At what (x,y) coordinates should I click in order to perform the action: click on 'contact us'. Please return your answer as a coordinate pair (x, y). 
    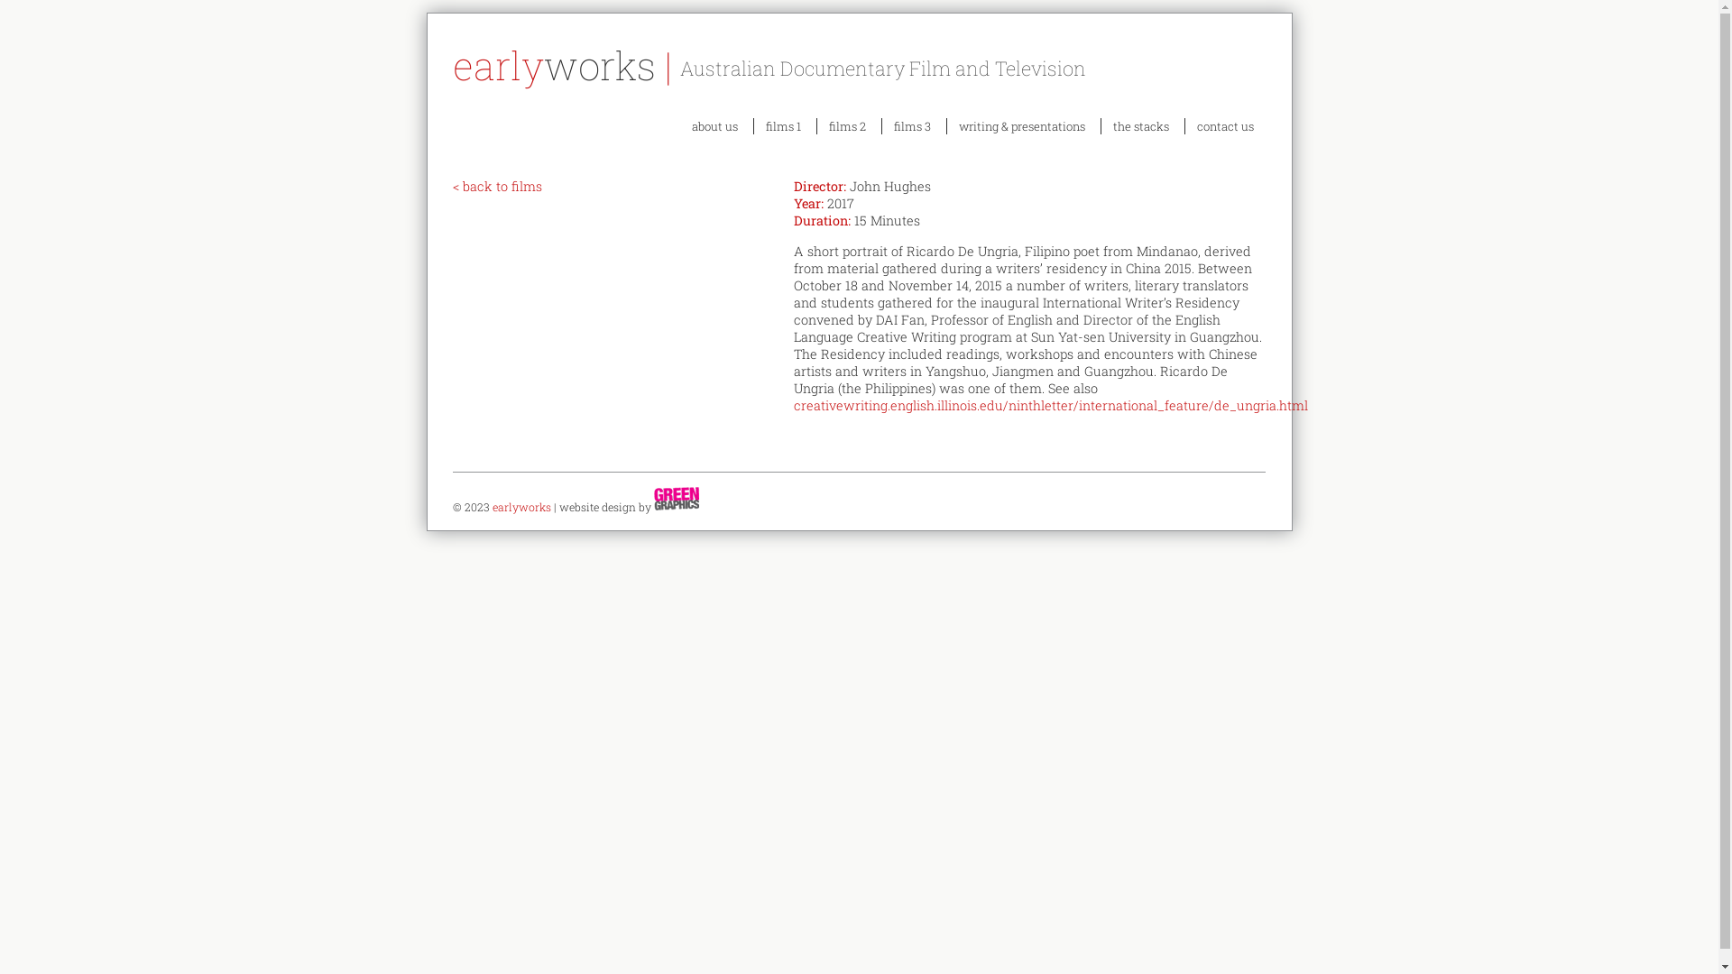
    Looking at the image, I should click on (1225, 124).